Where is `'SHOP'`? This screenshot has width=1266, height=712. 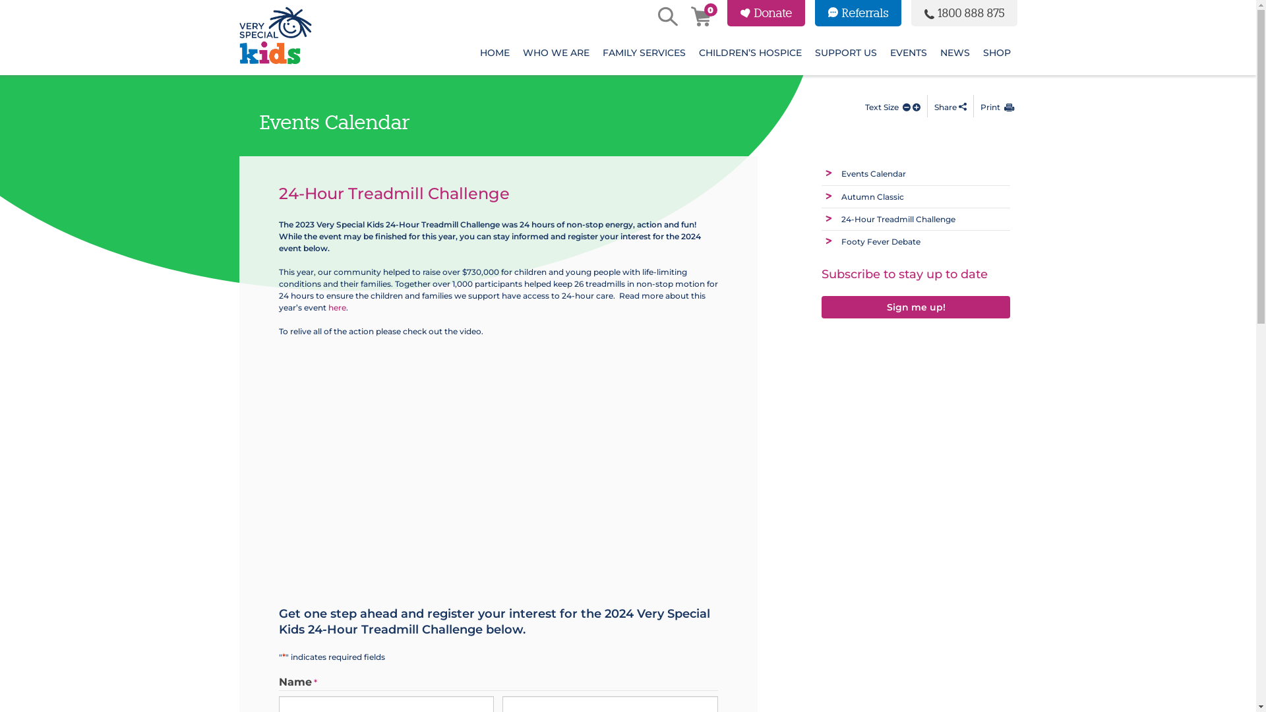
'SHOP' is located at coordinates (996, 52).